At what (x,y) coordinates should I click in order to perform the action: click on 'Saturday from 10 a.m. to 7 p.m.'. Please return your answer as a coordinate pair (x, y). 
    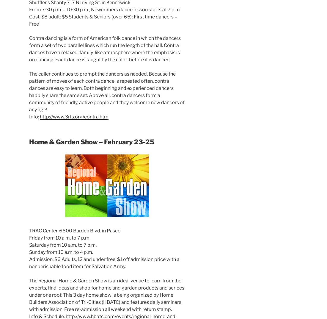
    Looking at the image, I should click on (63, 244).